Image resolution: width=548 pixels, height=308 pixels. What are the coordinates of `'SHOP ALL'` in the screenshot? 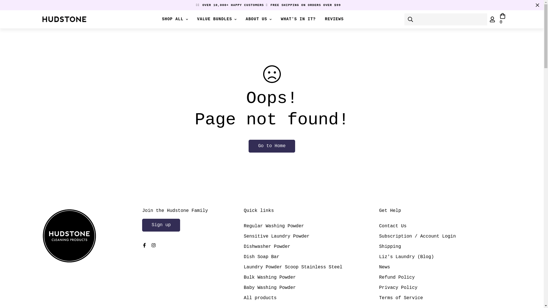 It's located at (174, 19).